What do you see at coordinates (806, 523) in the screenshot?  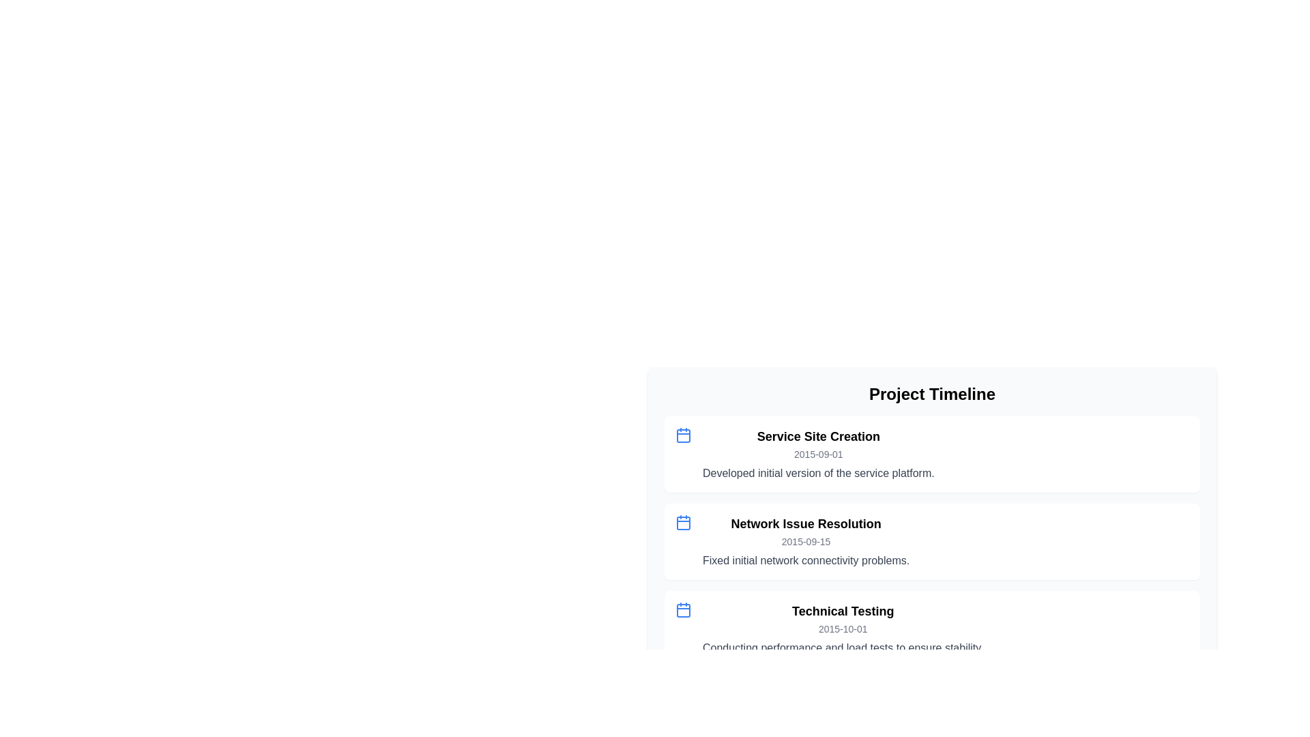 I see `text heading 'Network Issue Resolution' which is the title of the second timeline entry located between 'Service Site Creation' and 'Technical Testing'` at bounding box center [806, 523].